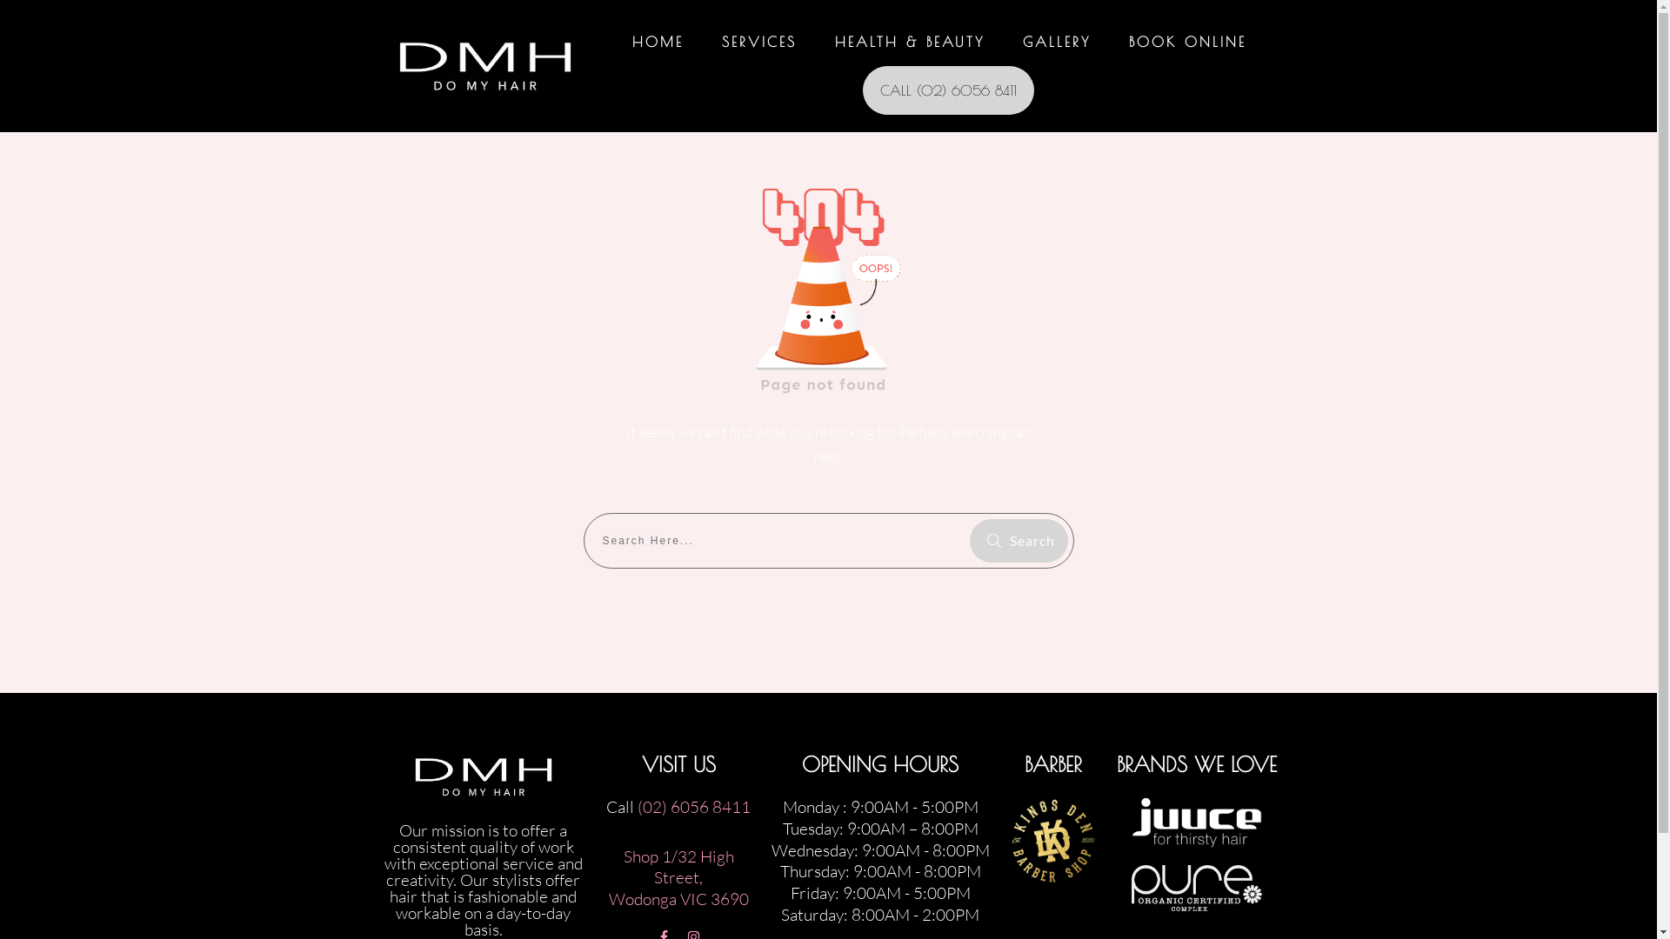 This screenshot has width=1670, height=939. Describe the element at coordinates (678, 867) in the screenshot. I see `'Shop 1/32 High Street,'` at that location.